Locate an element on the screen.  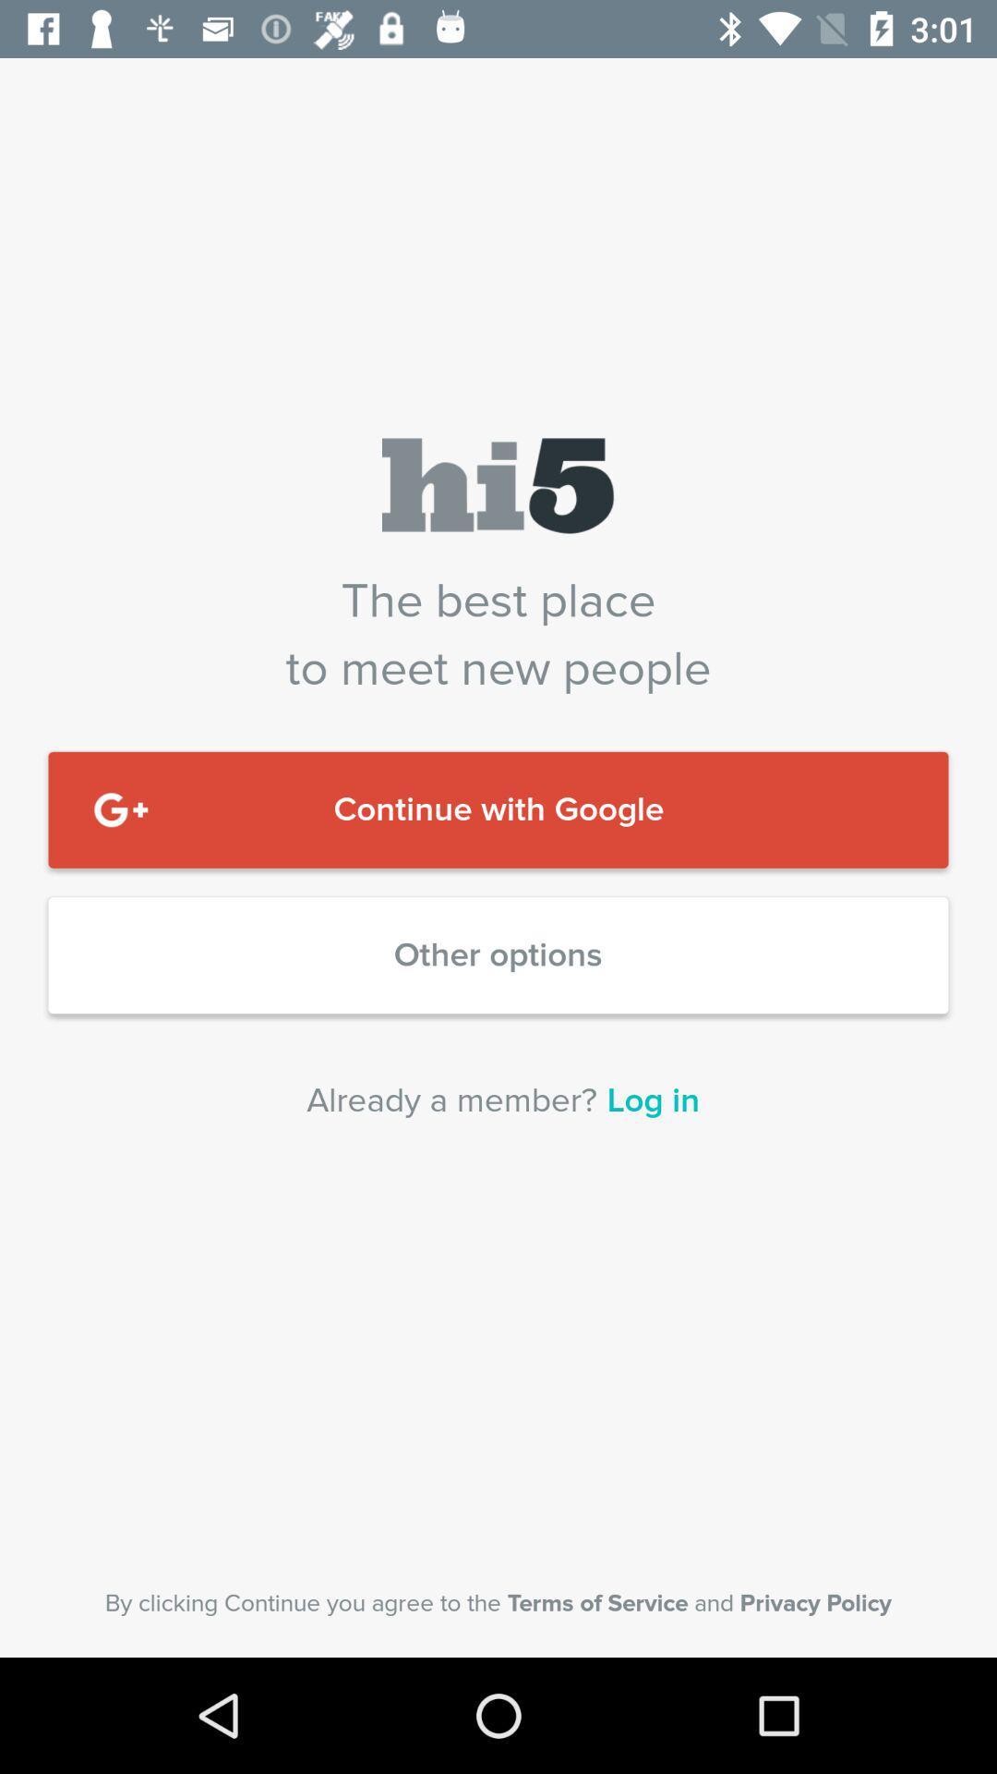
icon below already a member? icon is located at coordinates (498, 1602).